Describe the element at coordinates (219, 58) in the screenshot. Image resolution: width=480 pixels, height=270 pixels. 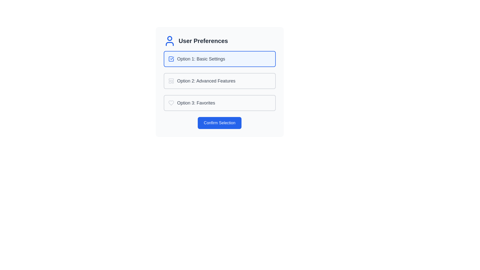
I see `the first selectable list item with a light blue background and checkmark icon` at that location.